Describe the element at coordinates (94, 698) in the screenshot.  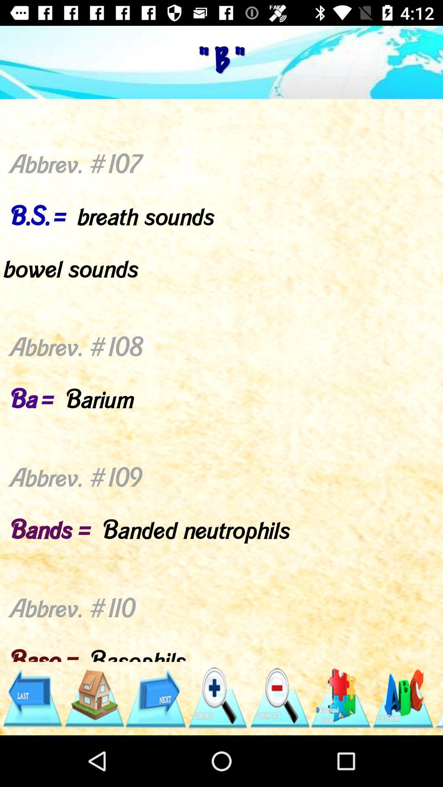
I see `brings to home screen` at that location.